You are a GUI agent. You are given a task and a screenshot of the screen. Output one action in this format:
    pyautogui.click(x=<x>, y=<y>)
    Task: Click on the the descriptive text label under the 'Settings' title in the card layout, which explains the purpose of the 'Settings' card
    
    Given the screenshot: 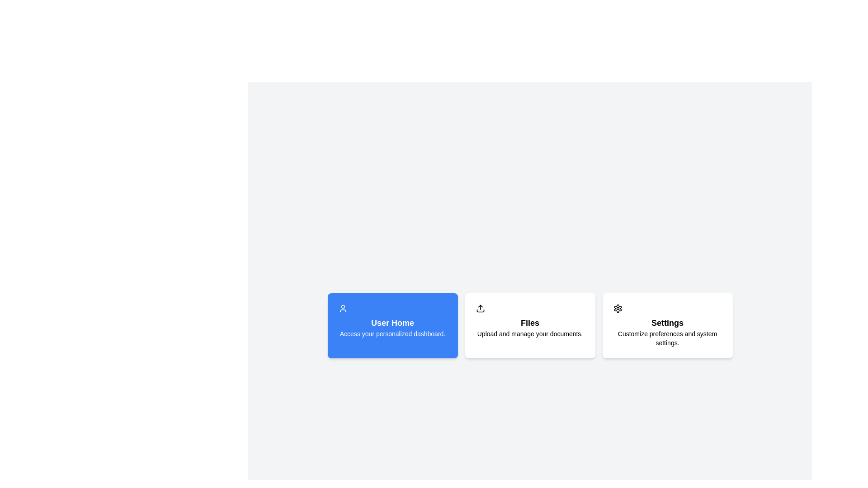 What is the action you would take?
    pyautogui.click(x=667, y=338)
    